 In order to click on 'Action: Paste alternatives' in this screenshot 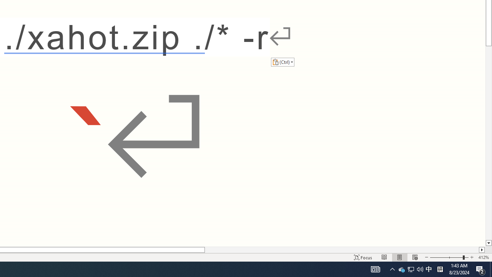, I will do `click(282, 62)`.